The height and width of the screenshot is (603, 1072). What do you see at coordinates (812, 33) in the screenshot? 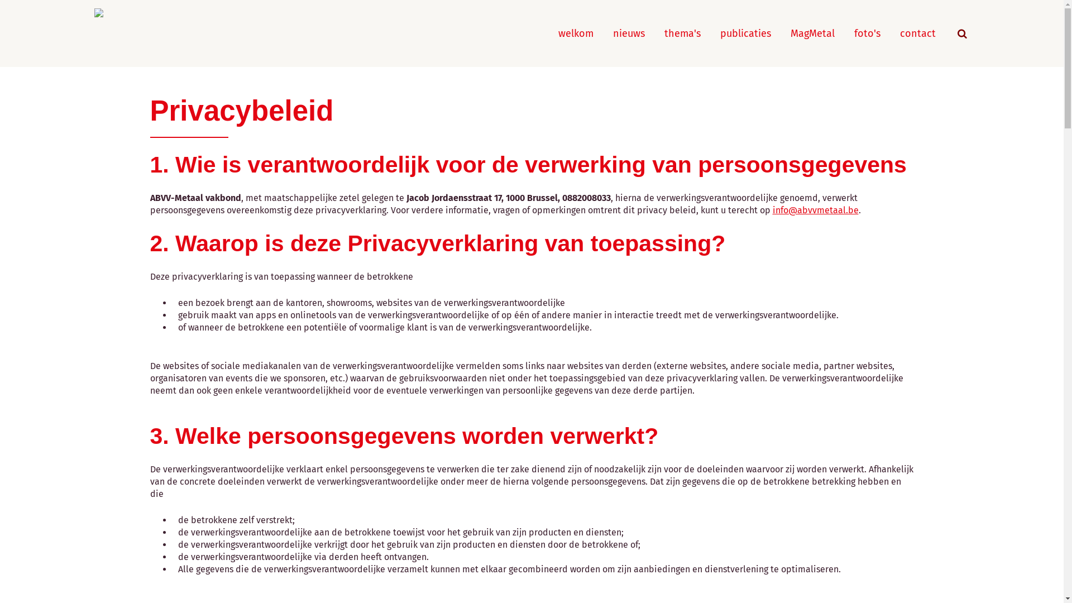
I see `'MagMetal'` at bounding box center [812, 33].